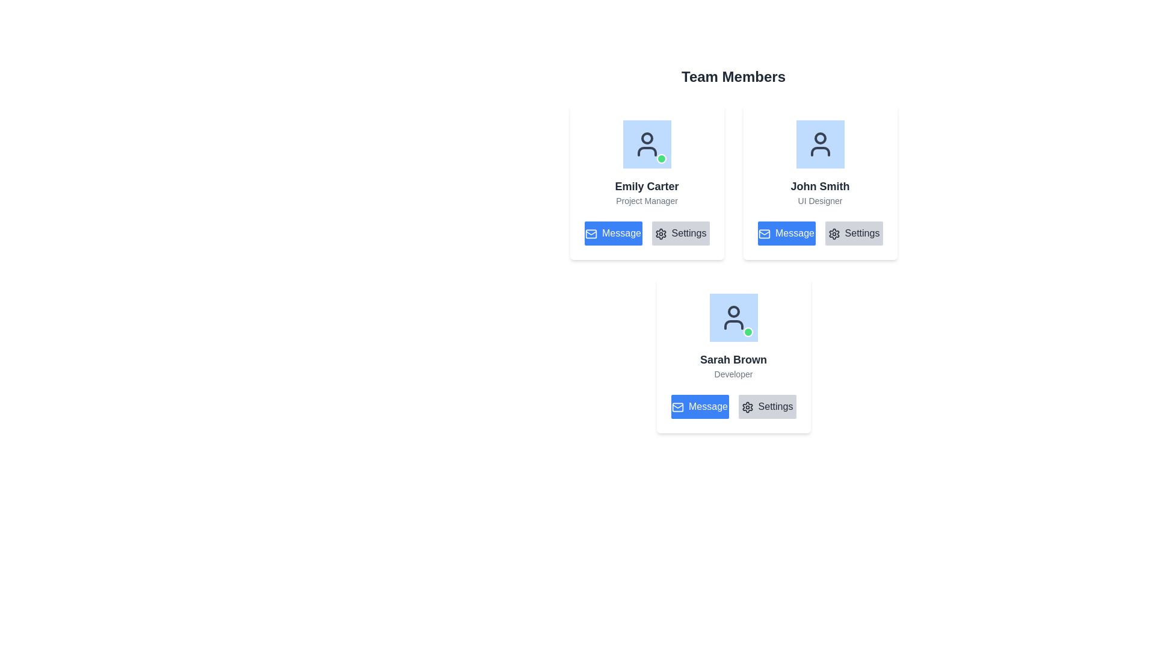 This screenshot has height=650, width=1155. What do you see at coordinates (819, 138) in the screenshot?
I see `the Circle visual marker in the user card for 'John Smith, UI Designer', located at the top-center of the card, which represents the user profile` at bounding box center [819, 138].